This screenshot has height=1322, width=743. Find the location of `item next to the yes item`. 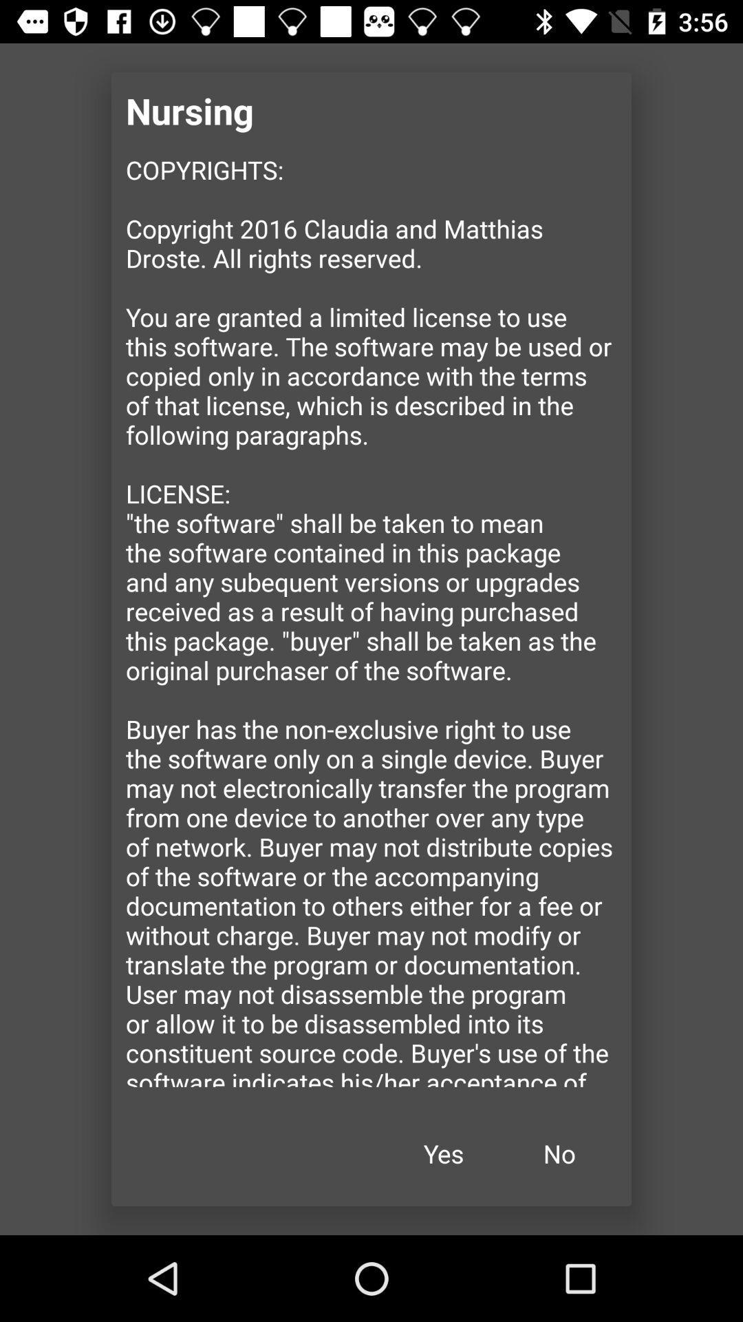

item next to the yes item is located at coordinates (559, 1153).